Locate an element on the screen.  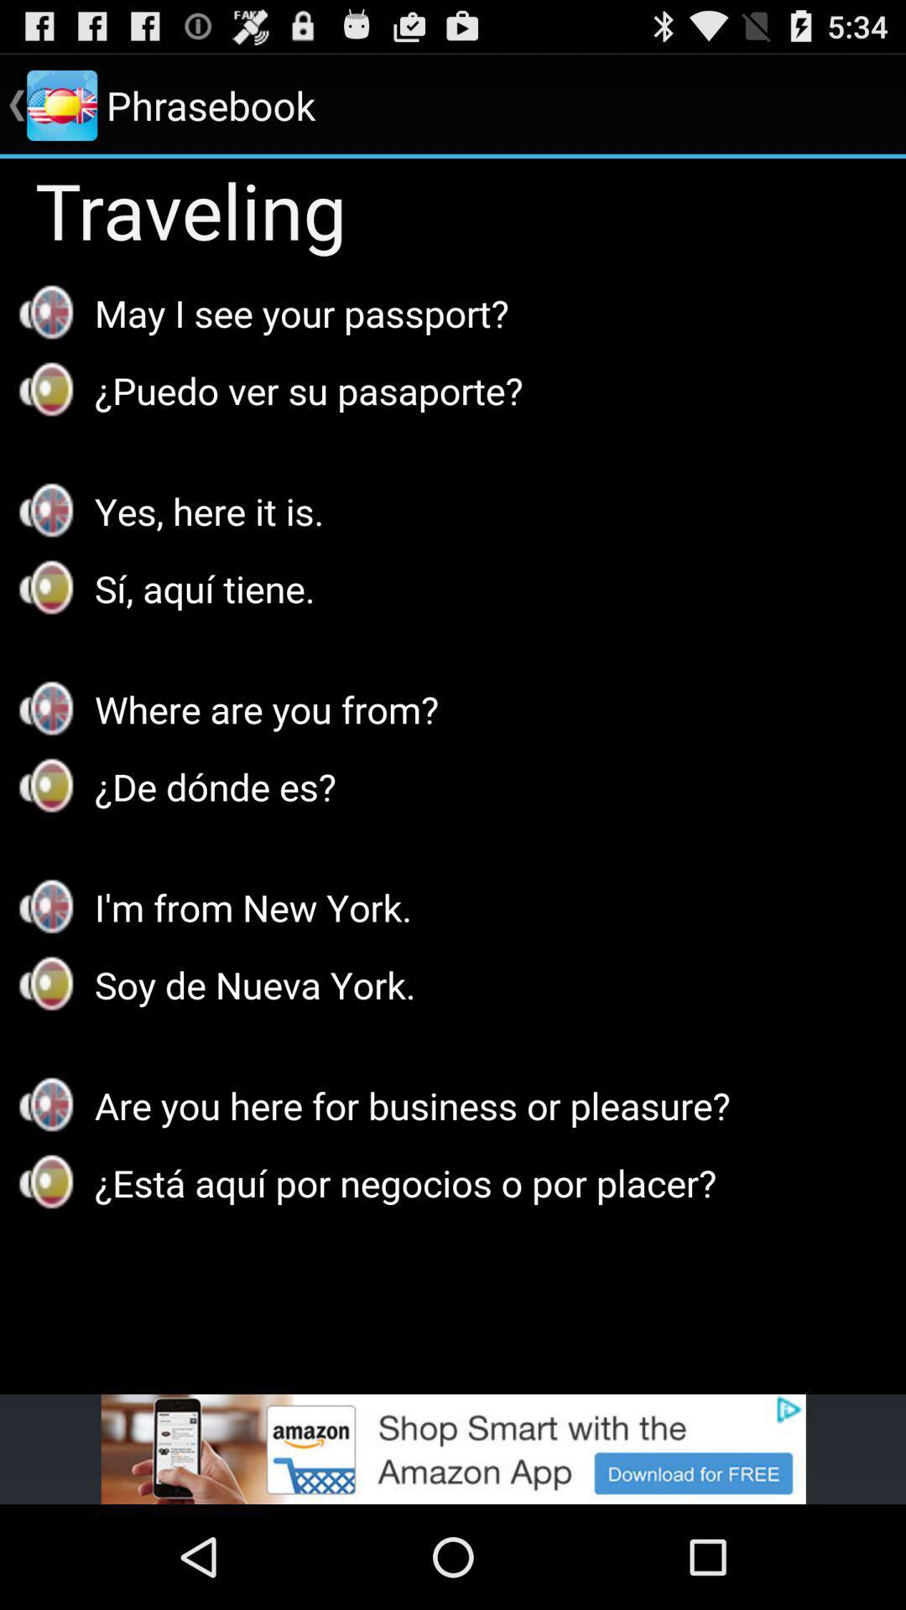
advertisement page is located at coordinates (453, 1448).